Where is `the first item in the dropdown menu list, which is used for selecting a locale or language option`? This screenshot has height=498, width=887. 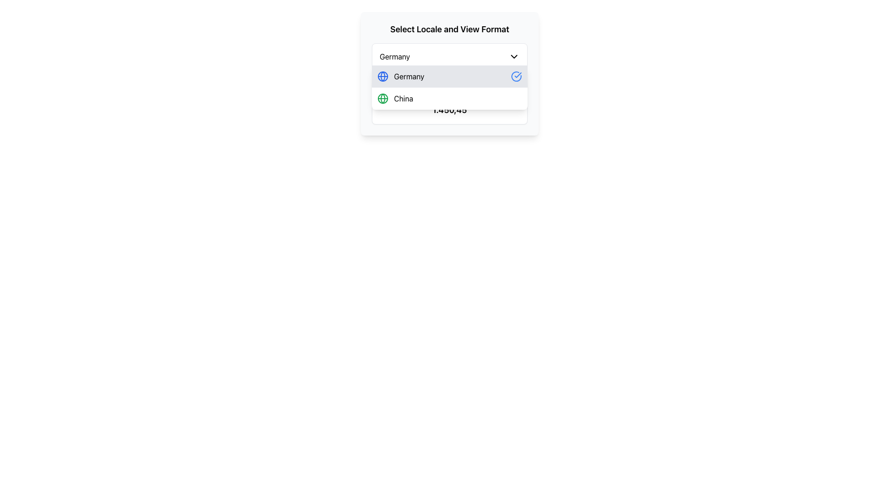
the first item in the dropdown menu list, which is used for selecting a locale or language option is located at coordinates (450, 76).